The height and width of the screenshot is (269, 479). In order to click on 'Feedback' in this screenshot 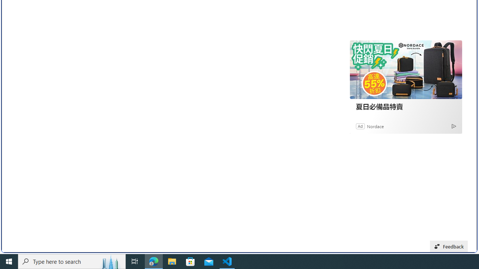, I will do `click(449, 246)`.